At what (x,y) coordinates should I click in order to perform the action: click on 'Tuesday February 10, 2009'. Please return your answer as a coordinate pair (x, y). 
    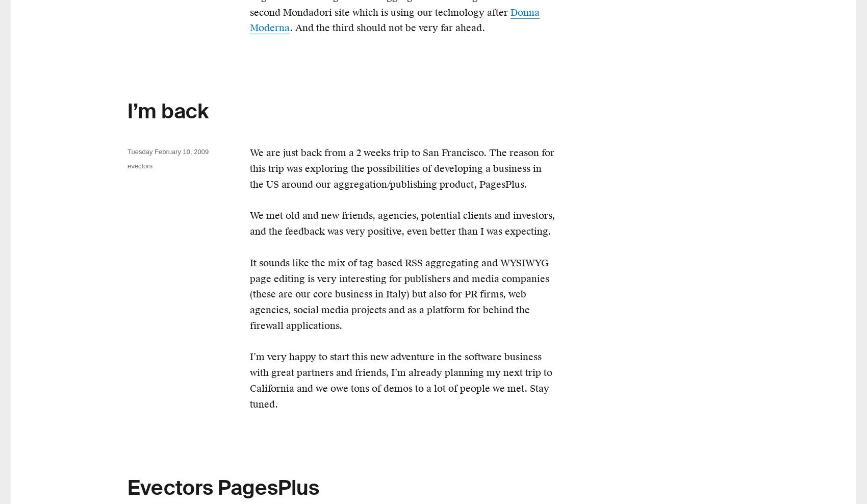
    Looking at the image, I should click on (167, 151).